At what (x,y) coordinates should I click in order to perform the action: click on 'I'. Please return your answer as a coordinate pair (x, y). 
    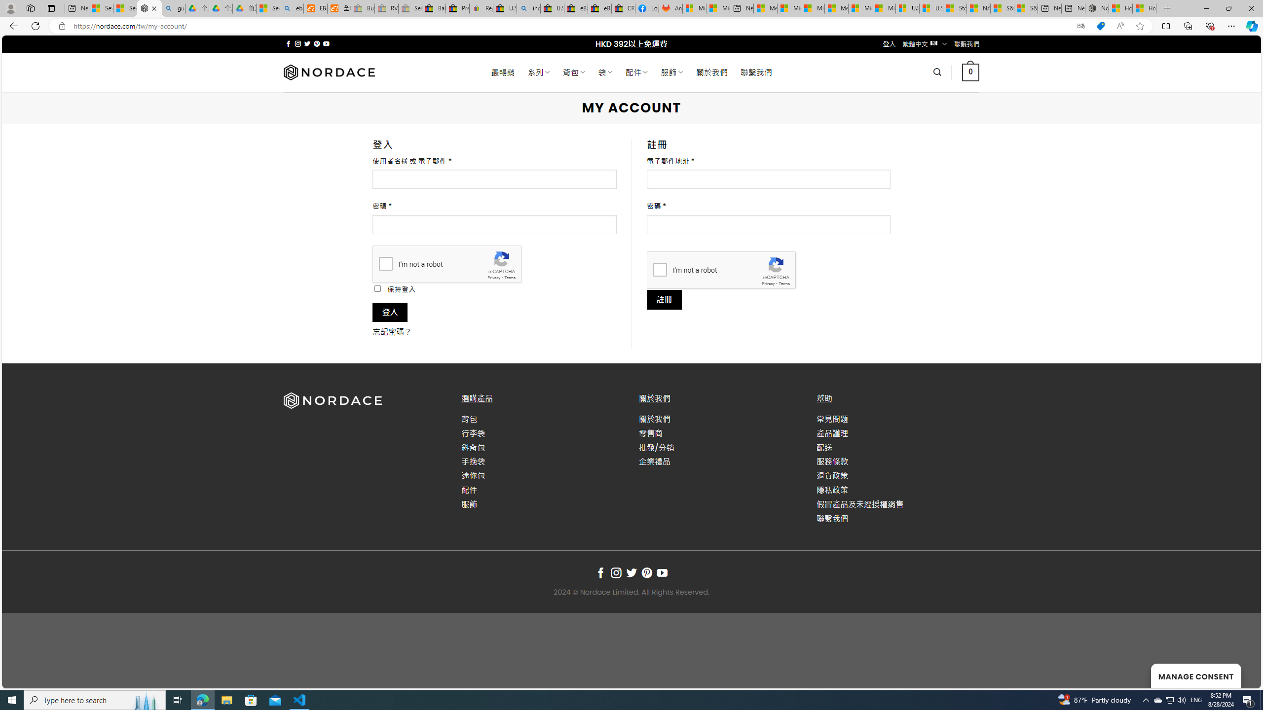
    Looking at the image, I should click on (660, 269).